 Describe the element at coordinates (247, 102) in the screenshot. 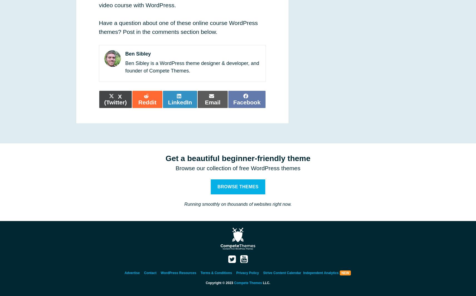

I see `'Facebook'` at that location.